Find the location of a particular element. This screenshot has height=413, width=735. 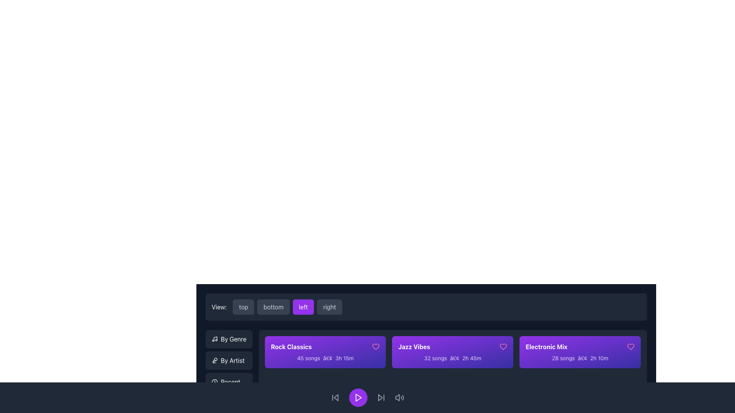

the typographic symbol '•' that separates '32 songs' and '2h 45m', which is displayed in light purple color within a block of text is located at coordinates (454, 358).